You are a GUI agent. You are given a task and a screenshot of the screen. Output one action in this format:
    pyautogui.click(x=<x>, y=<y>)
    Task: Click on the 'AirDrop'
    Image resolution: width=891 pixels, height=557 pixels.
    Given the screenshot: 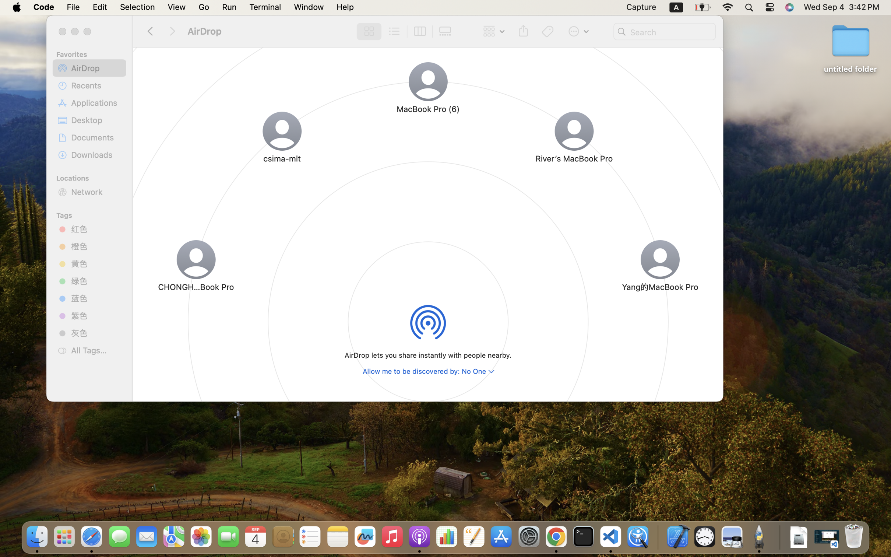 What is the action you would take?
    pyautogui.click(x=96, y=67)
    